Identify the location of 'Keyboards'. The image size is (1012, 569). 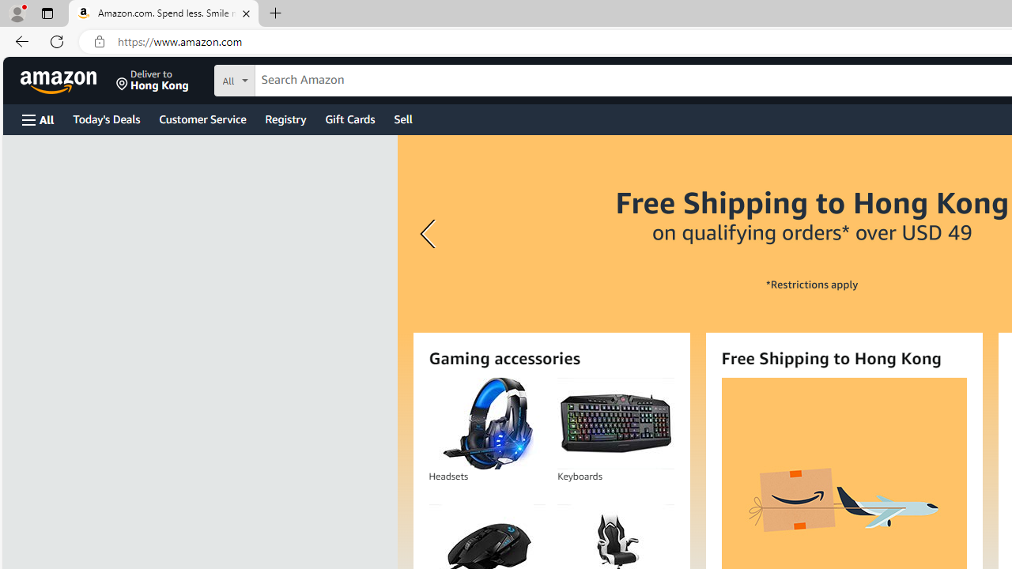
(614, 423).